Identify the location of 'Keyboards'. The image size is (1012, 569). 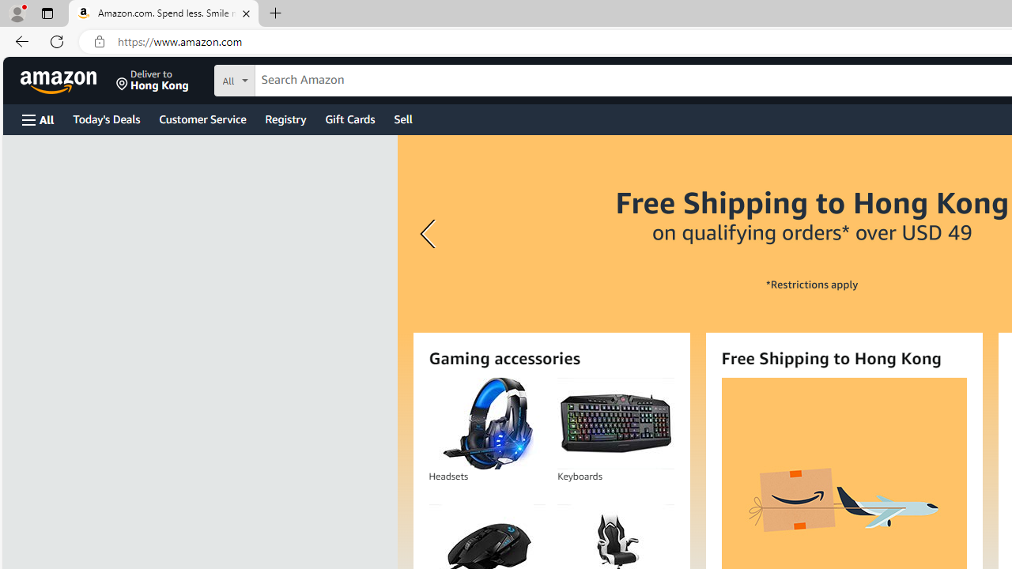
(614, 423).